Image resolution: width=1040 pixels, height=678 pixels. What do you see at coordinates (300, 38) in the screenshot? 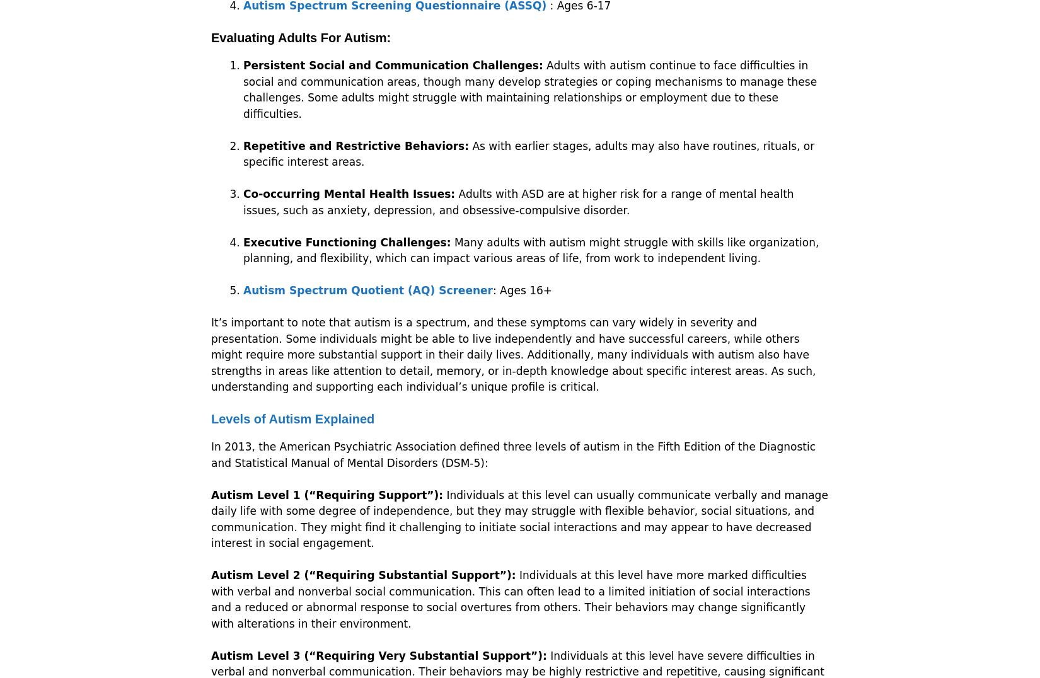
I see `'Evaluating Adults For Autism:'` at bounding box center [300, 38].